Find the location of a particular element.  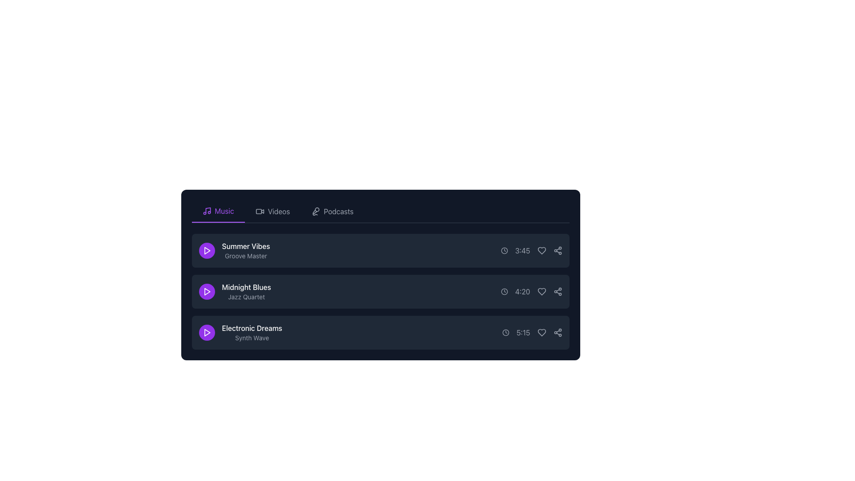

the purple triangular play button icon located in the third row of the music playlist section to initiate playback is located at coordinates (207, 333).